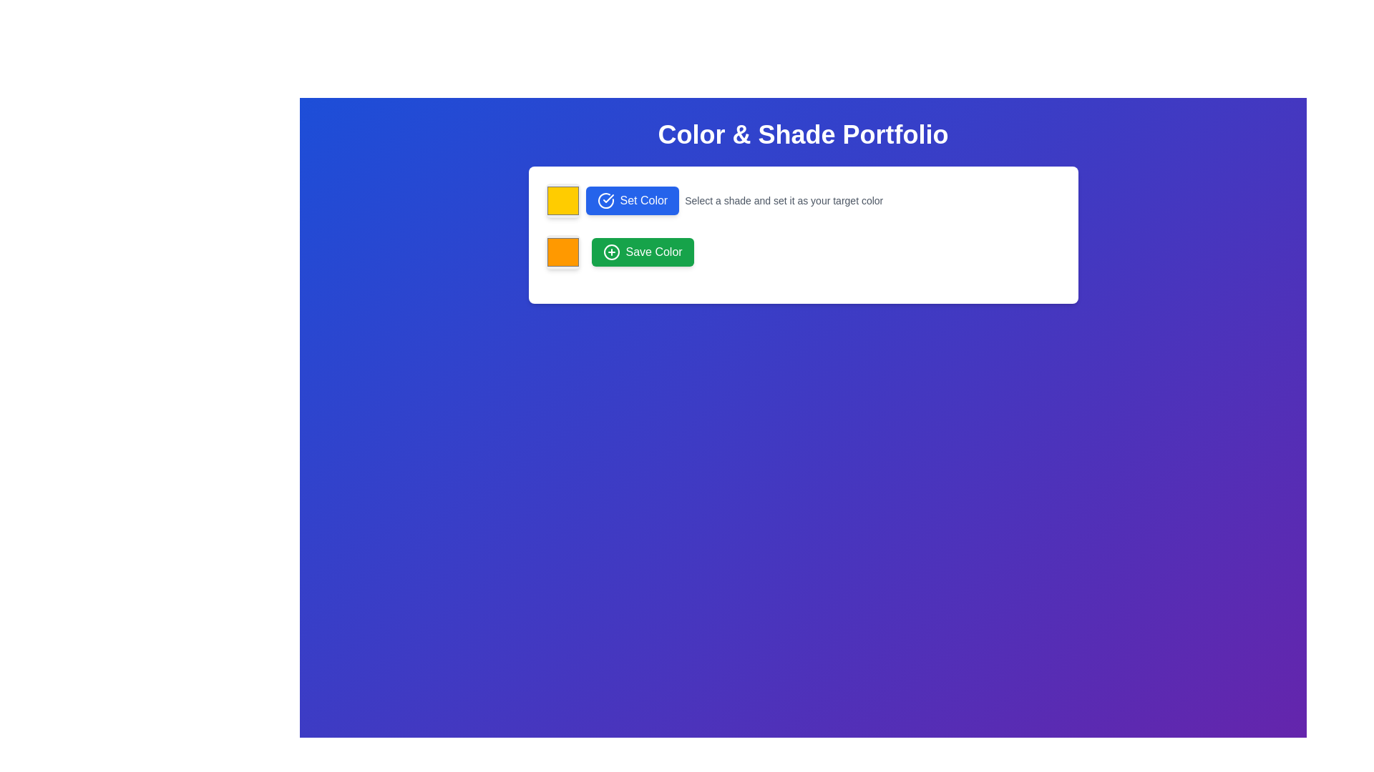 This screenshot has width=1374, height=772. What do you see at coordinates (611, 252) in the screenshot?
I see `the circular green icon with a plus sign in the center, which is located within the 'Save Color' button at the lower-right corner of the white panel` at bounding box center [611, 252].